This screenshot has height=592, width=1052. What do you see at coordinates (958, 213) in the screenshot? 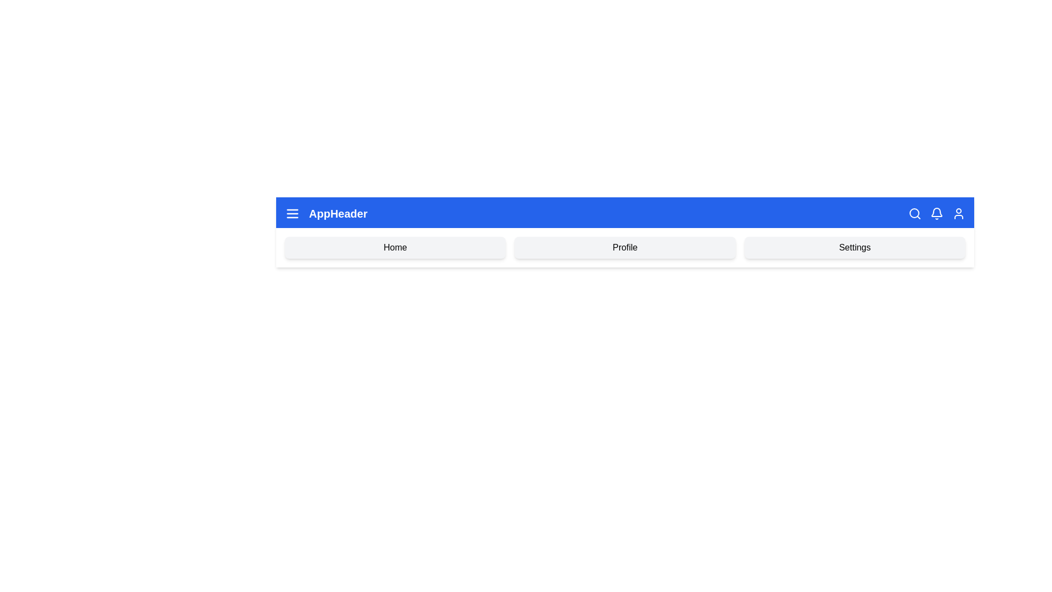
I see `the user icon in the header to access user-related actions` at bounding box center [958, 213].